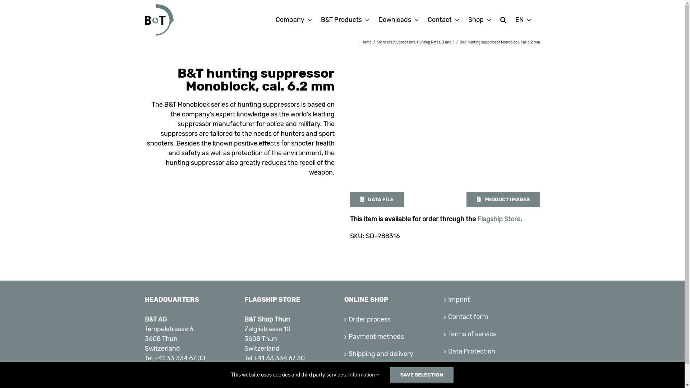 The height and width of the screenshot is (388, 690). Describe the element at coordinates (348, 374) in the screenshot. I see `'Information'` at that location.